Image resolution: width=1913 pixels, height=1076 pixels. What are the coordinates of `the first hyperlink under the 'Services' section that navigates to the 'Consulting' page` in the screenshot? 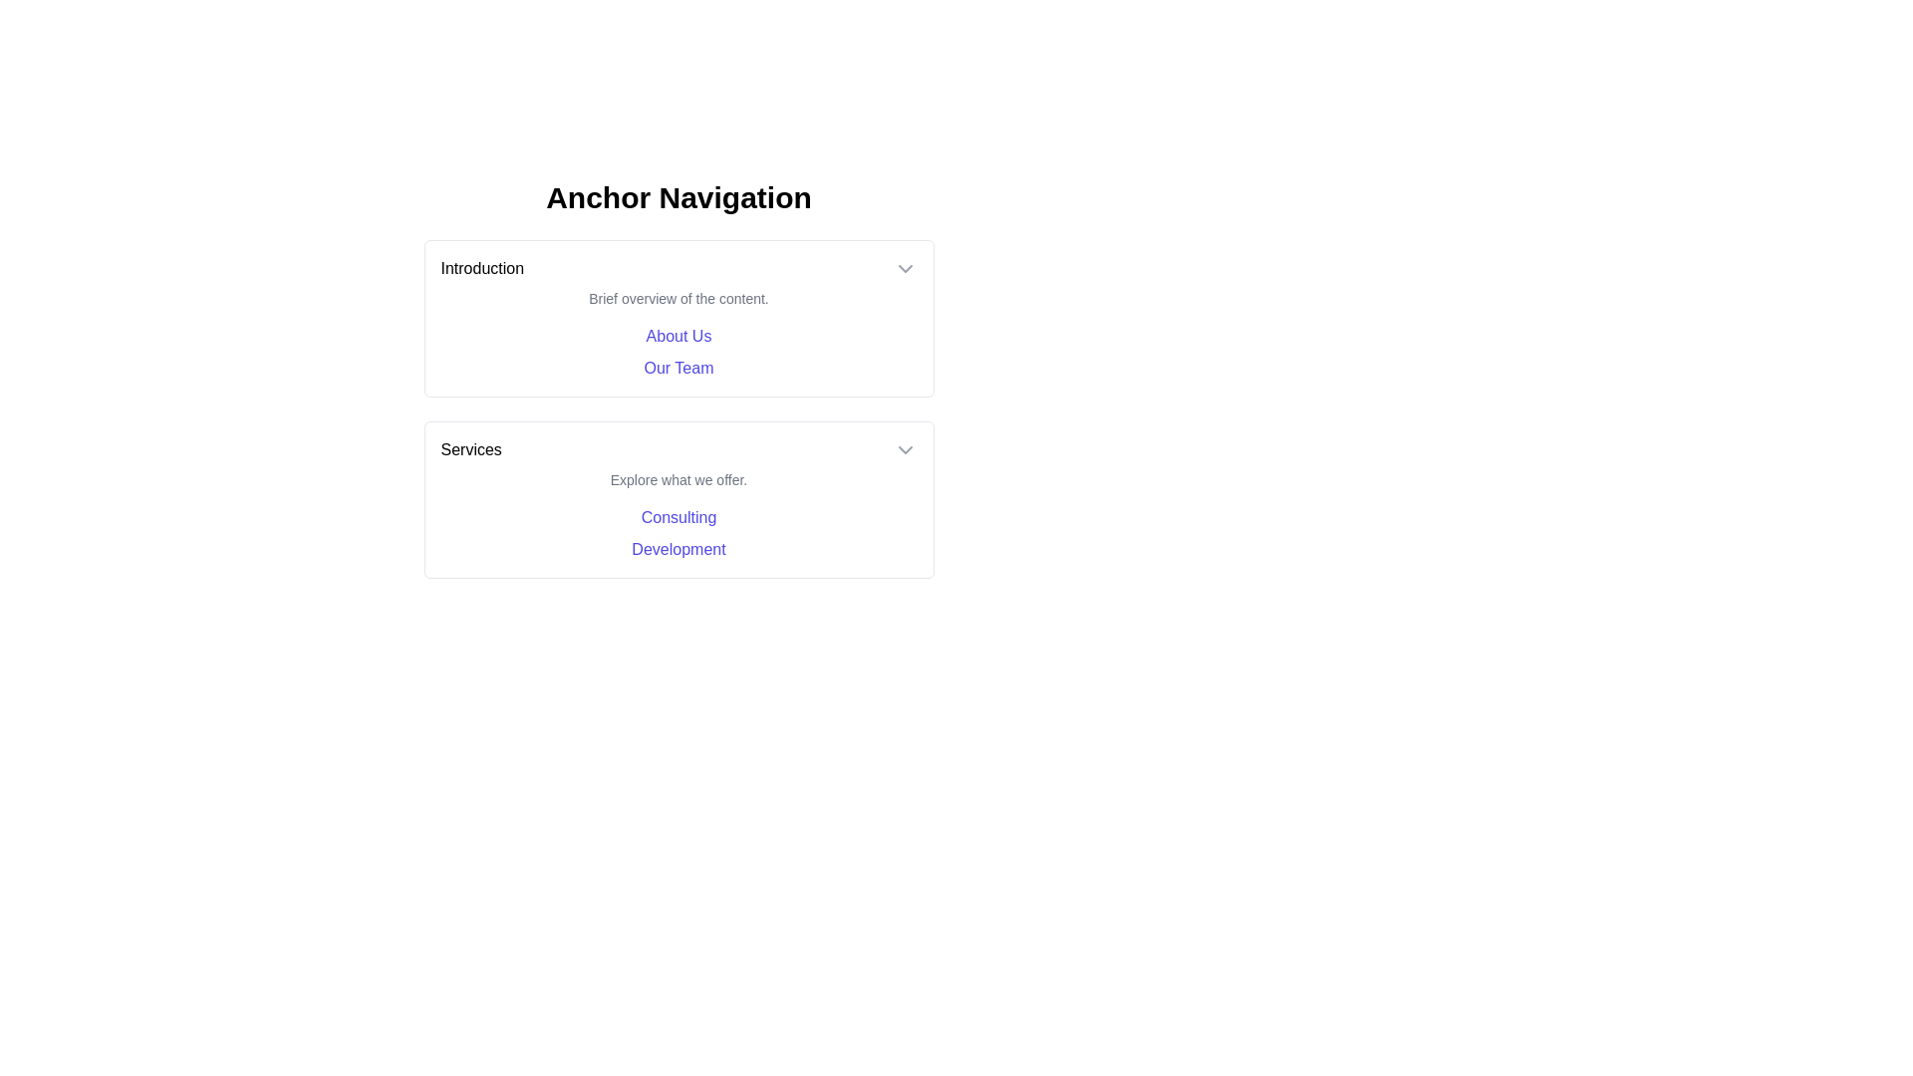 It's located at (679, 517).